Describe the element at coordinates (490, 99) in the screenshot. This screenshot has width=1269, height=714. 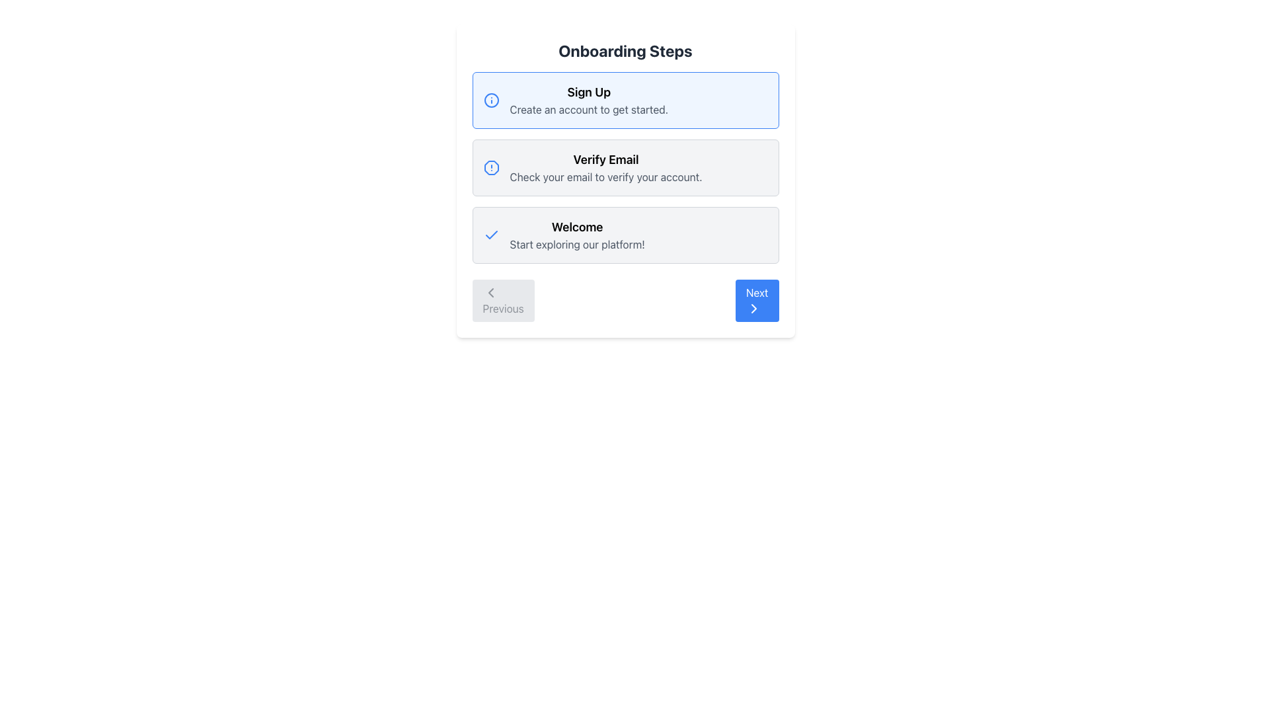
I see `the circular icon with a blue border and a small blue dot at its center, located to the left of the 'Sign Up' text in the onboarding steps UI` at that location.